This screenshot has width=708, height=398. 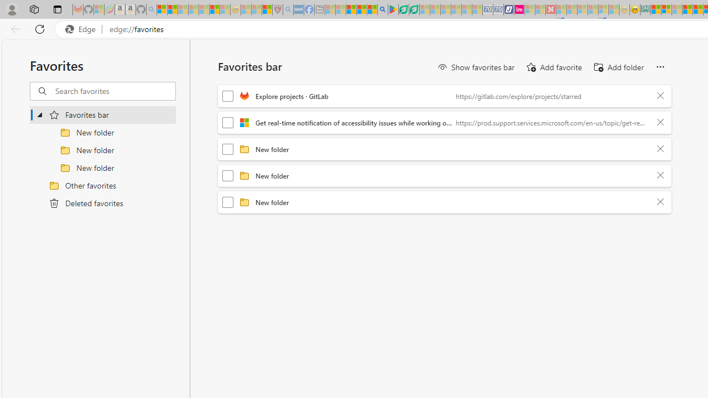 I want to click on '14 Common Myths Debunked By Scientific Facts - Sleeping', so click(x=572, y=9).